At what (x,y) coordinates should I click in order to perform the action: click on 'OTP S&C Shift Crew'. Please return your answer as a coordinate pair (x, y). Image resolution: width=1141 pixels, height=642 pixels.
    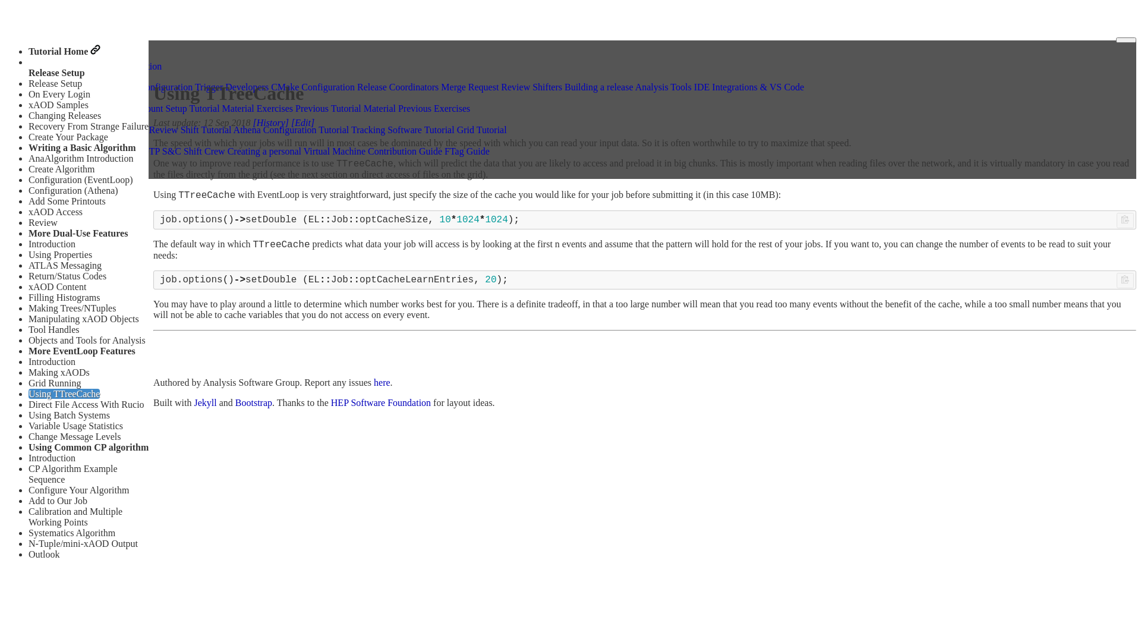
    Looking at the image, I should click on (182, 150).